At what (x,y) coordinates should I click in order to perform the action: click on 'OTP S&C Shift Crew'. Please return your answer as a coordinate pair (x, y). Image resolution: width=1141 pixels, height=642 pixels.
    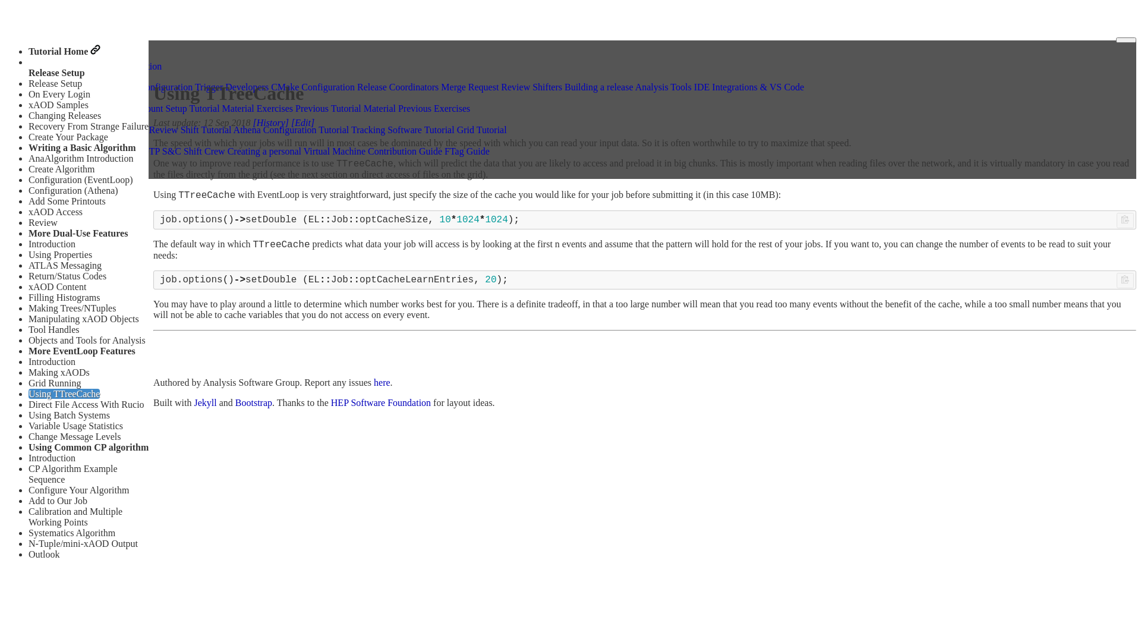
    Looking at the image, I should click on (182, 150).